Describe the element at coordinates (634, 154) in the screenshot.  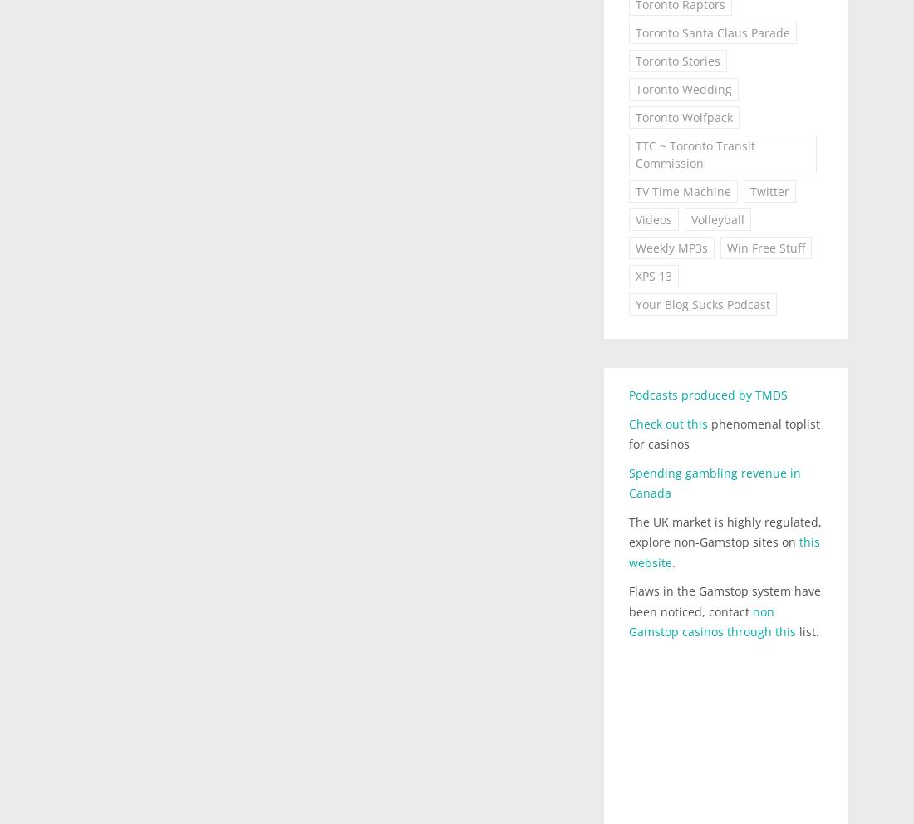
I see `'TTC ~ Toronto Transit Commission'` at that location.